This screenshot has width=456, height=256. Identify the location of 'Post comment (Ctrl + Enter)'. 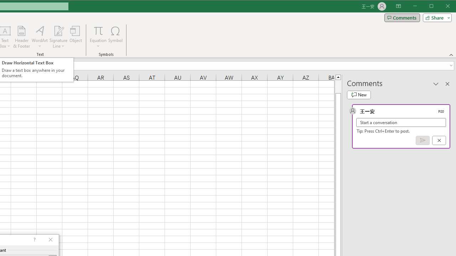
(423, 140).